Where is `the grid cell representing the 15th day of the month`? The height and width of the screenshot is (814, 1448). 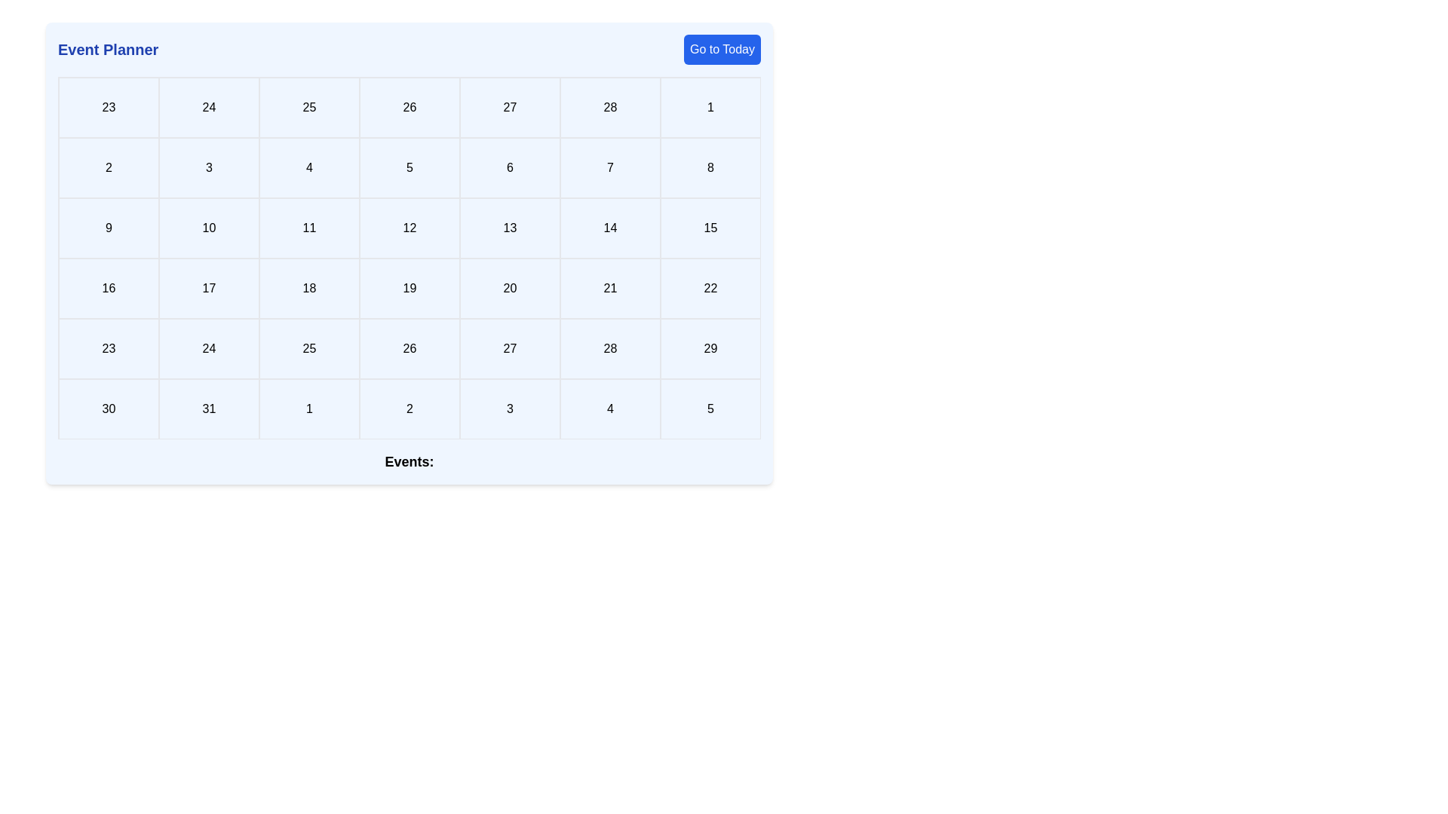 the grid cell representing the 15th day of the month is located at coordinates (710, 228).